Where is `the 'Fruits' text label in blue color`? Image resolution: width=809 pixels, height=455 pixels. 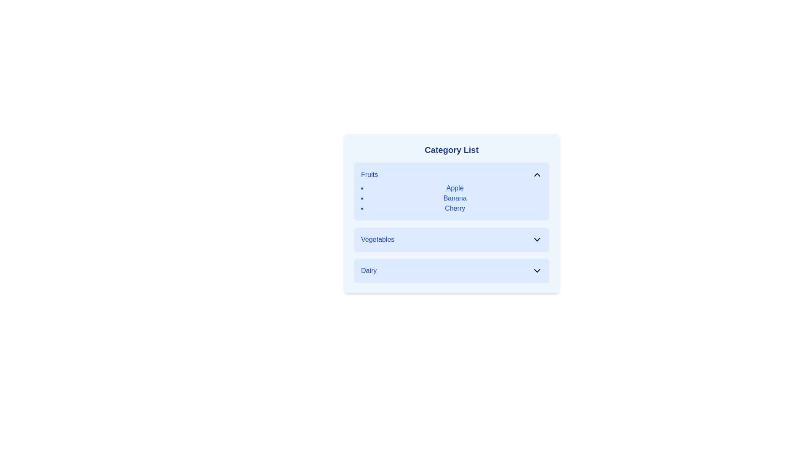
the 'Fruits' text label in blue color is located at coordinates (370, 174).